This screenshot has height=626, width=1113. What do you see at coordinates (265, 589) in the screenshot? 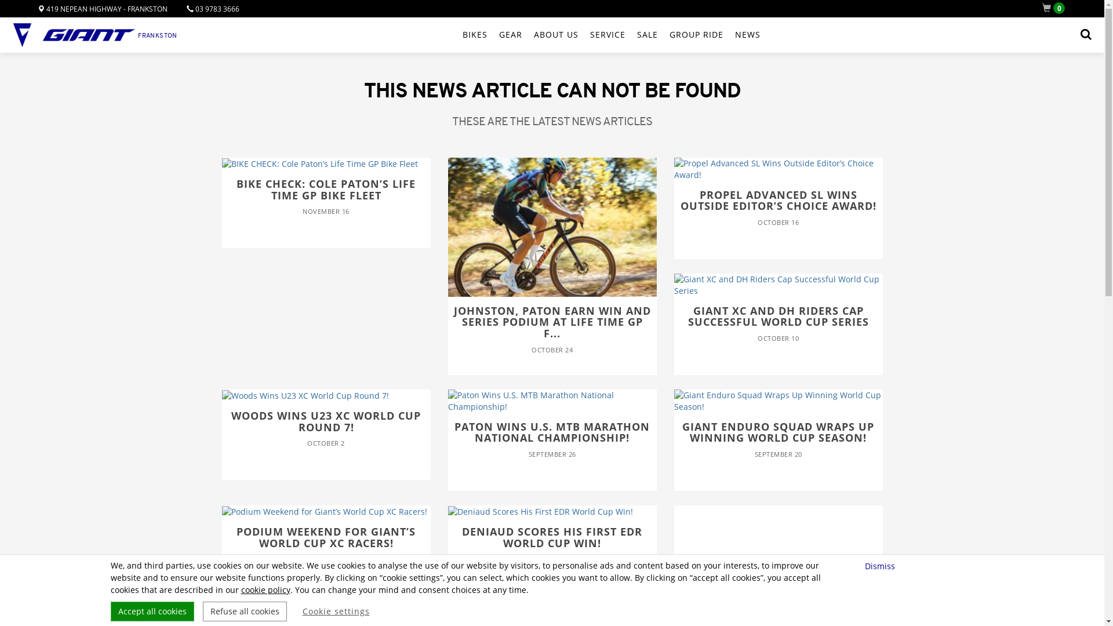
I see `'cookie policy'` at bounding box center [265, 589].